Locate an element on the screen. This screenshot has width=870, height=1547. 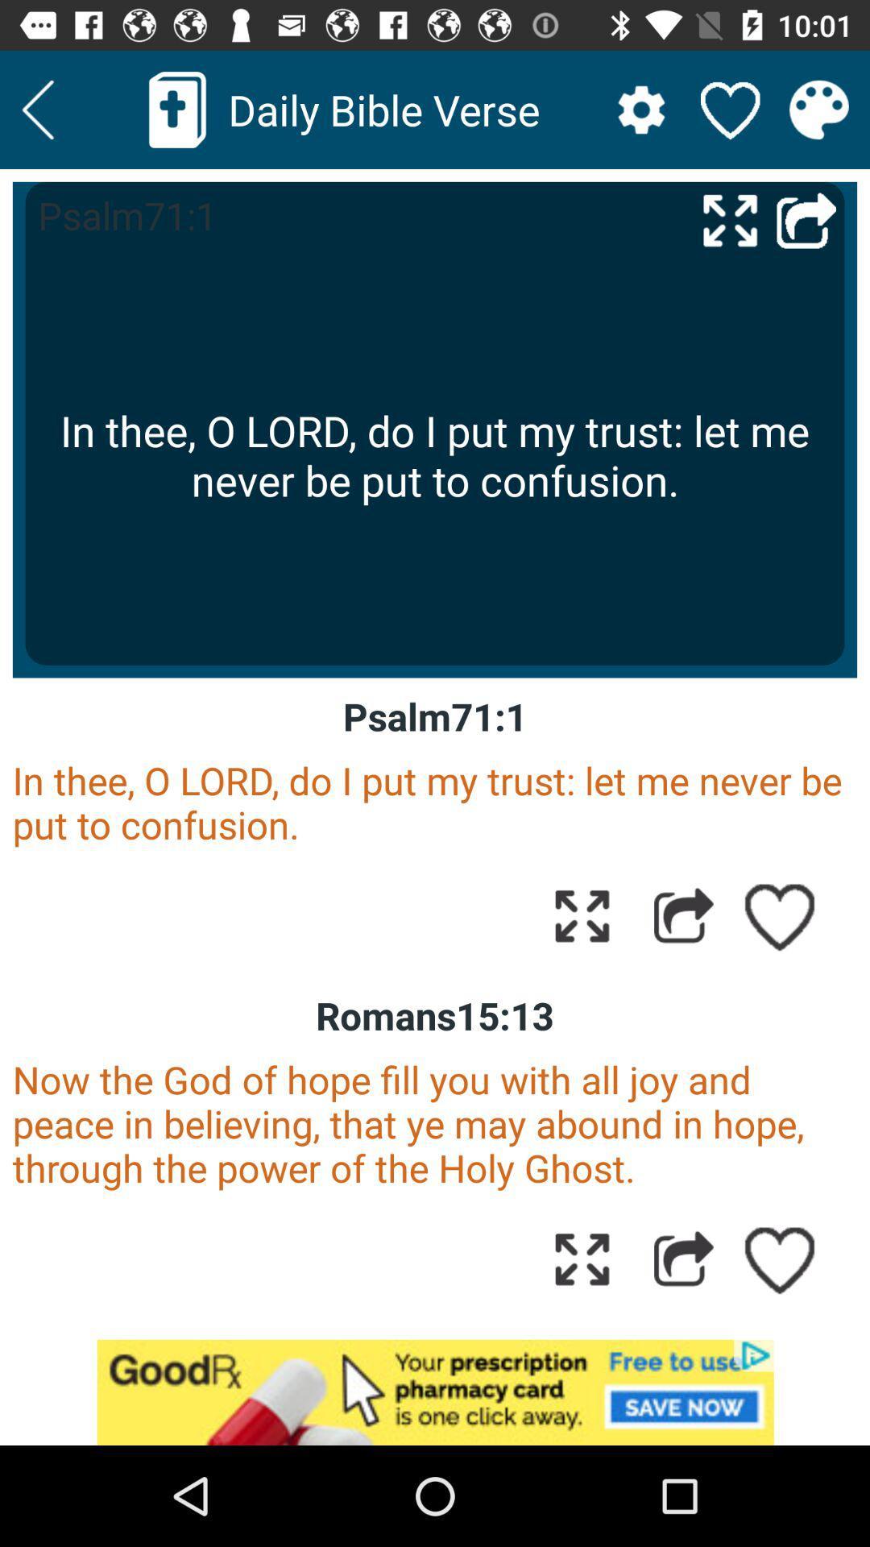
full screen is located at coordinates (582, 915).